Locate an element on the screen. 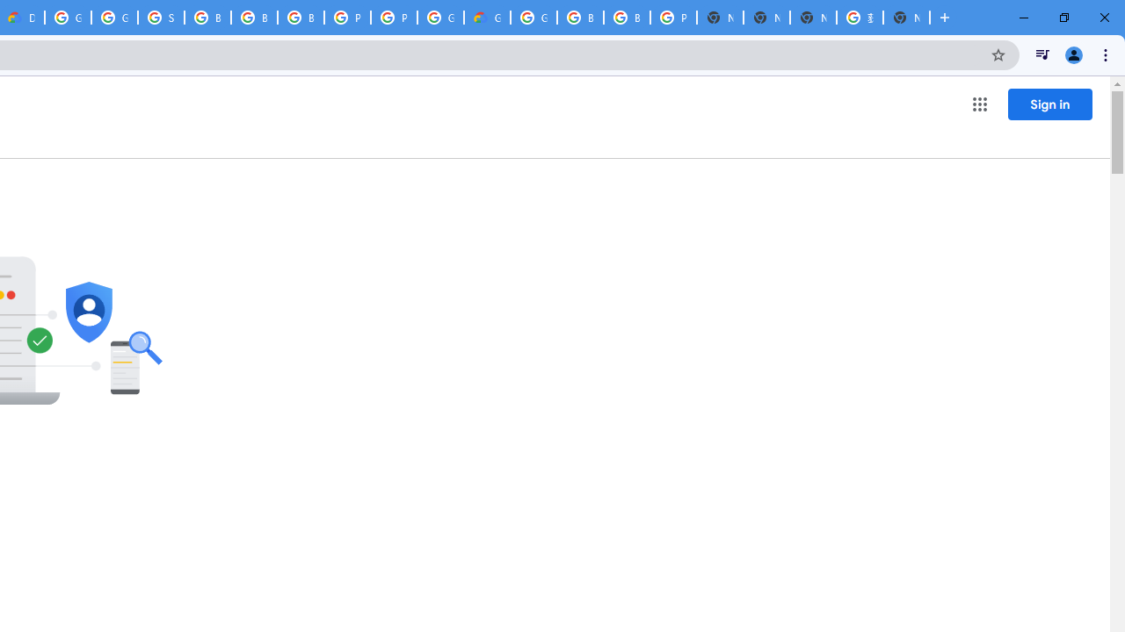  'New Tab' is located at coordinates (906, 18).